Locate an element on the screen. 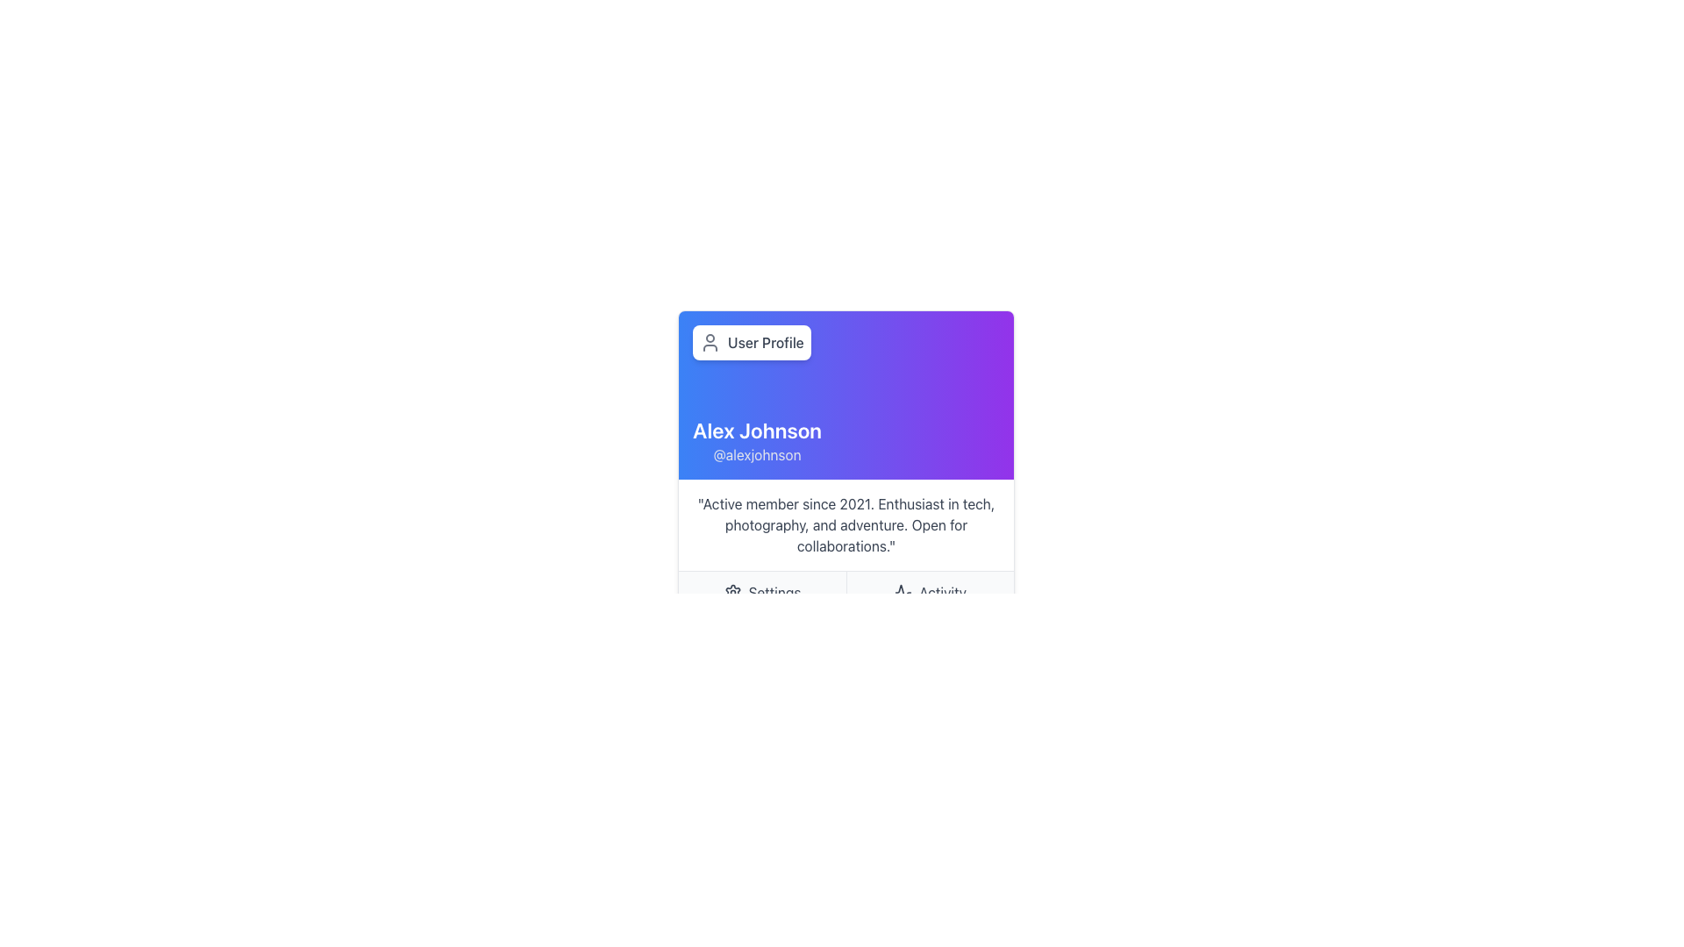 This screenshot has height=947, width=1684. the settings icon located to the left of the 'Settings' label is located at coordinates (732, 592).